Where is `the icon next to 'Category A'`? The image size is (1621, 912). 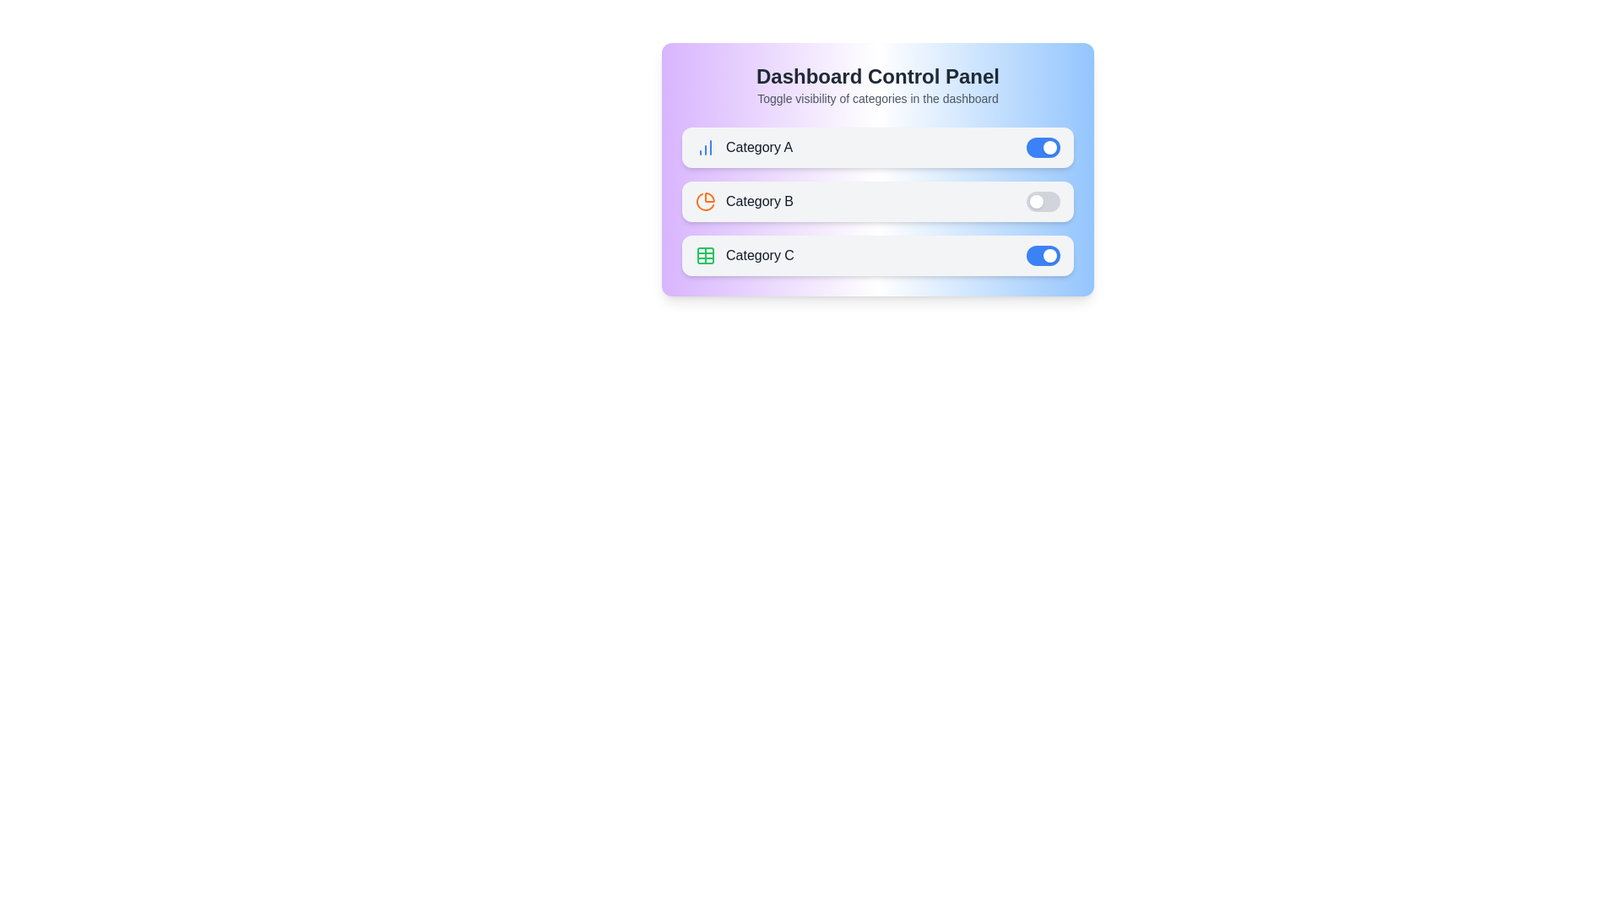
the icon next to 'Category A' is located at coordinates (705, 146).